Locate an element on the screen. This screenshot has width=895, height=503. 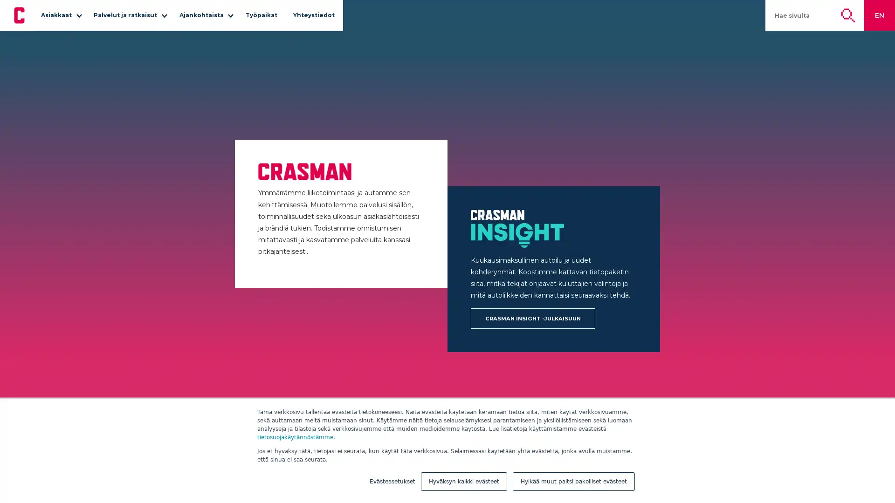
Hylkaa muut paitsi pakolliset evasteet is located at coordinates (573, 481).